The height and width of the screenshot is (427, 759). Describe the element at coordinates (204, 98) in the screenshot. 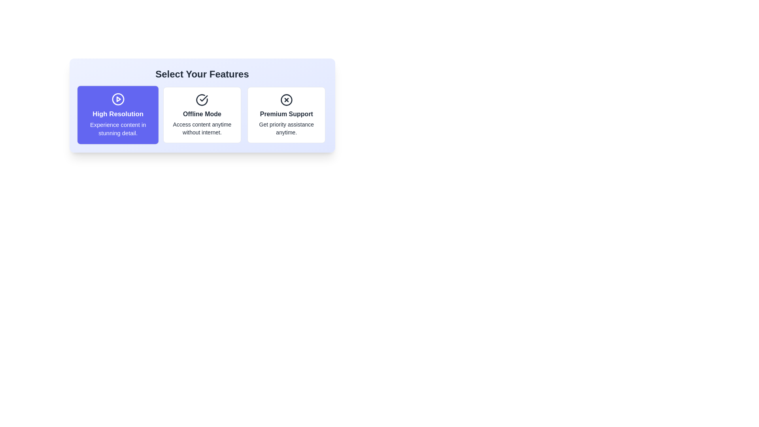

I see `the checkmark icon indicating confirmation within the 'Offline Mode' card, which is the second card in a row of three cards` at that location.